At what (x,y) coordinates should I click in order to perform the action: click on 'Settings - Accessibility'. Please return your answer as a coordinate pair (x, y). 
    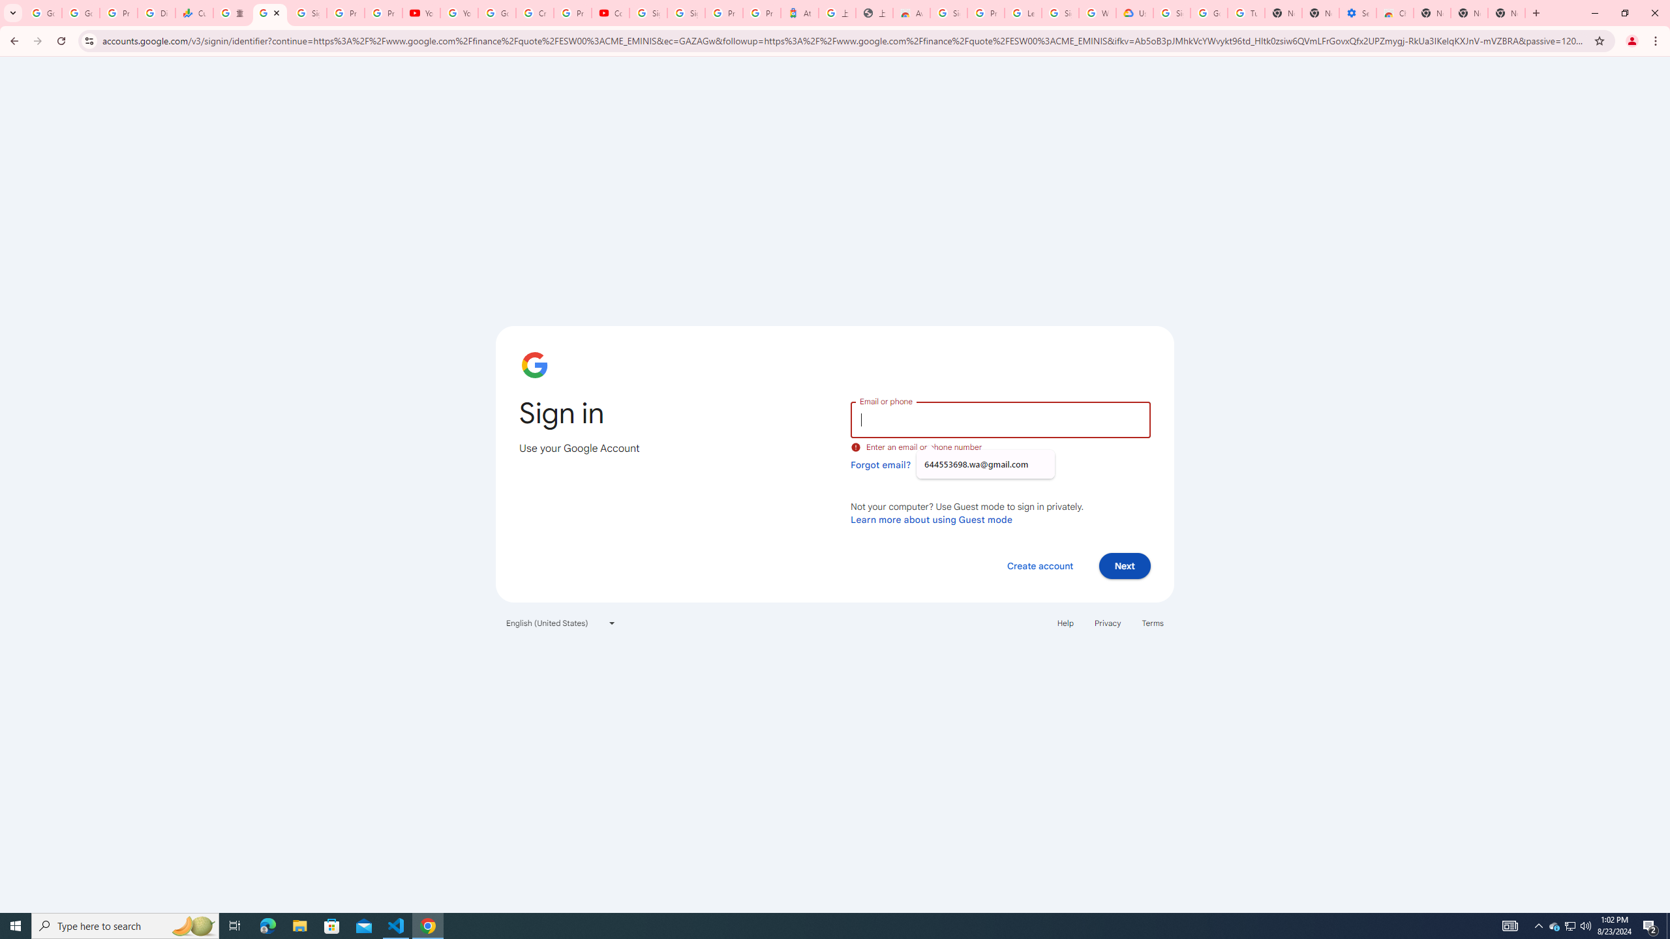
    Looking at the image, I should click on (1357, 12).